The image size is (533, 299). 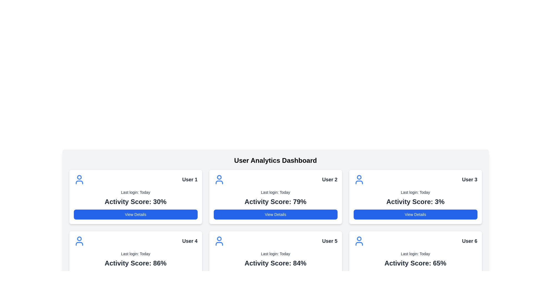 I want to click on the call-to-action button located at the bottom of the fourth user card in the grid layout, so click(x=135, y=276).